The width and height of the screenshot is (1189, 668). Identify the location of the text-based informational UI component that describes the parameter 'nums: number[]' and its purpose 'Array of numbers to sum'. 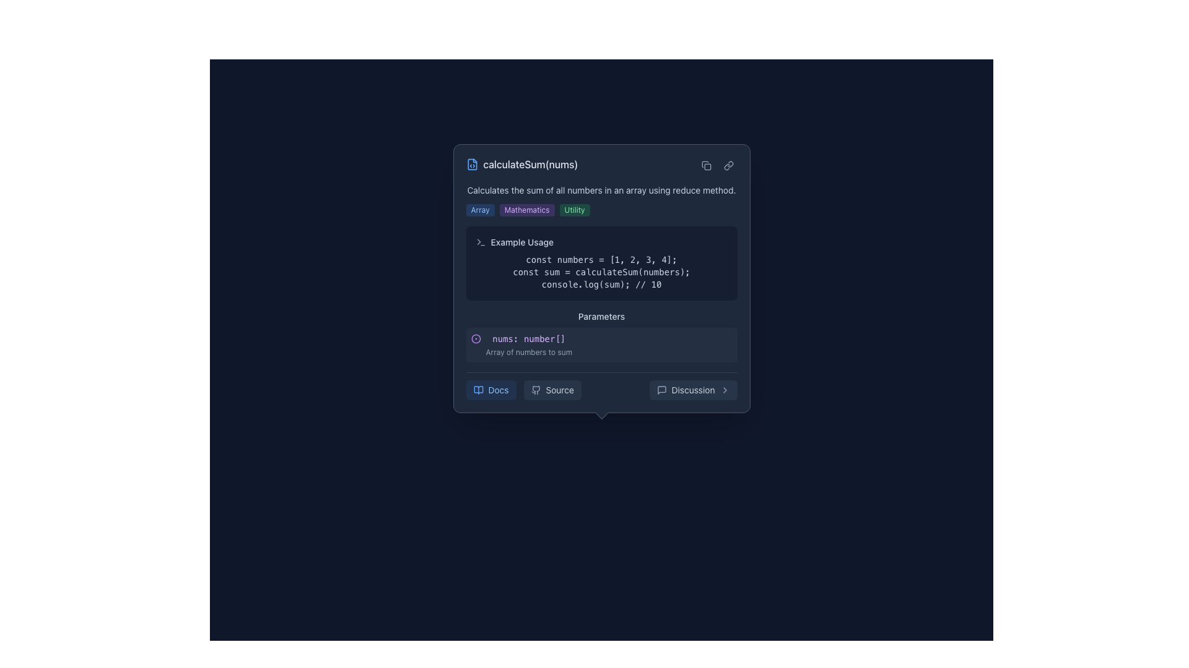
(529, 345).